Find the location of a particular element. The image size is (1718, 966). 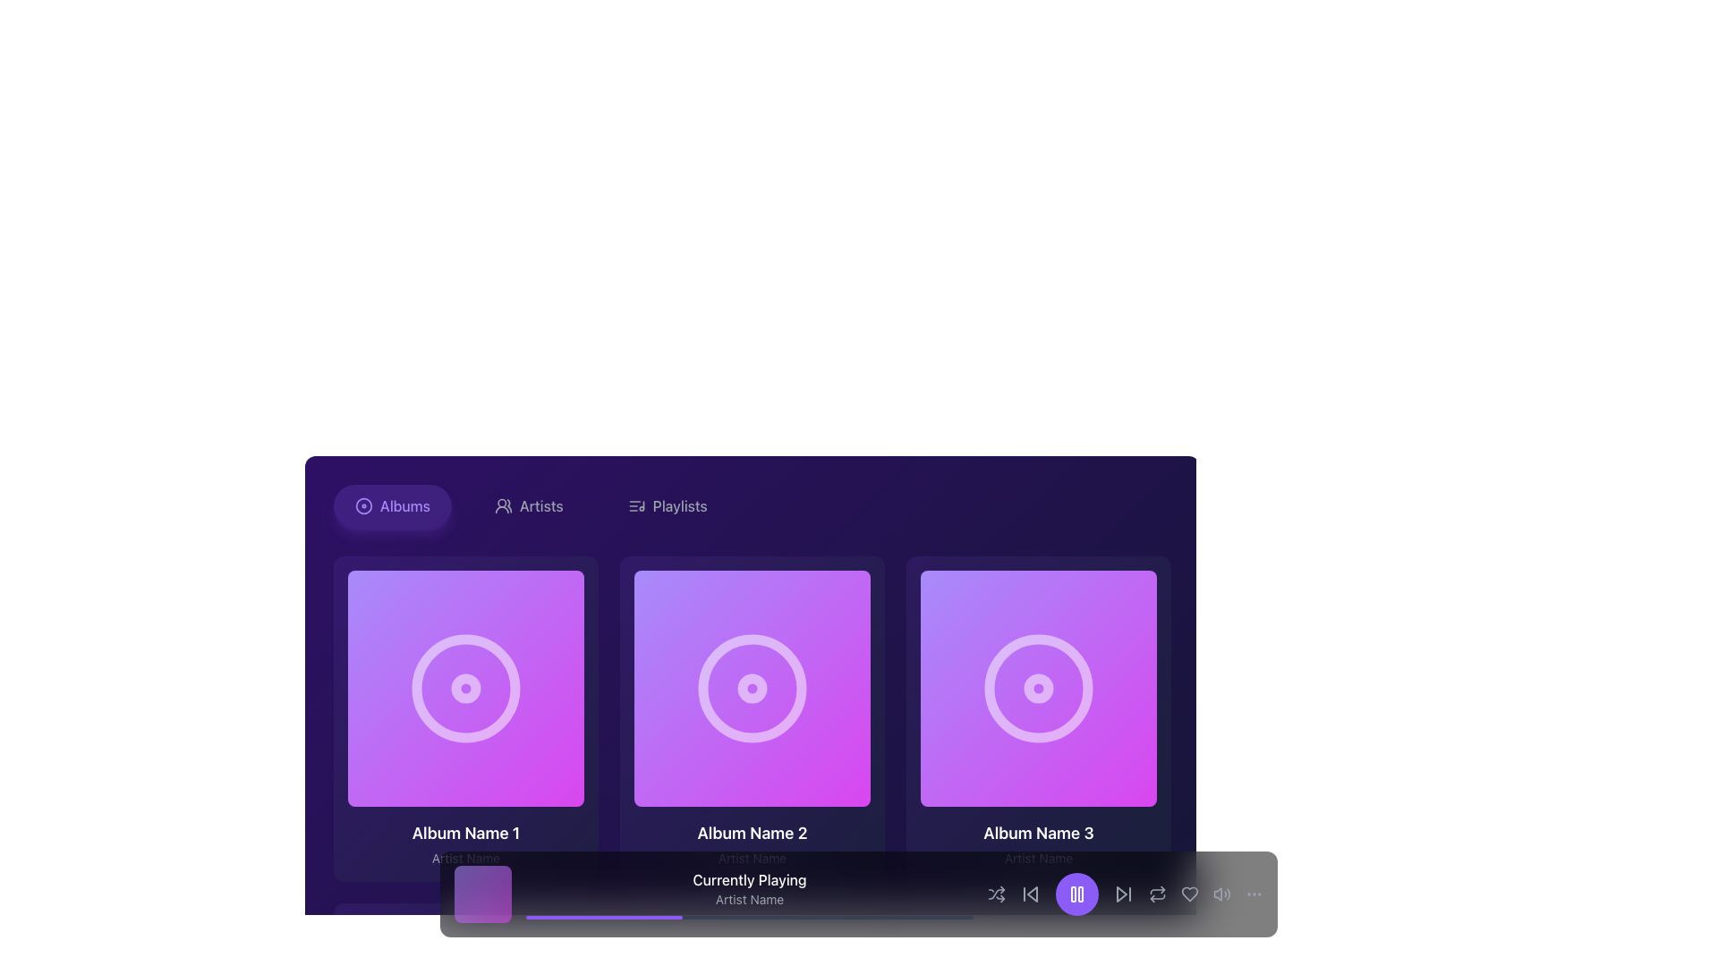

the small solid circle graphic icon located in the middle of the second album card in the horizontal list of album cards is located at coordinates (752, 688).